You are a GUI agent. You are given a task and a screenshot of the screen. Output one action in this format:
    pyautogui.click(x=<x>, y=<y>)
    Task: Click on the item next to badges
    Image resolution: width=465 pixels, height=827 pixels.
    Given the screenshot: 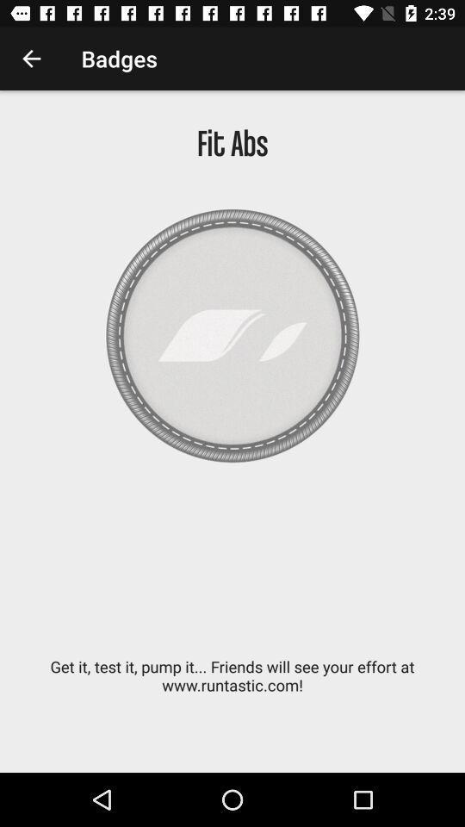 What is the action you would take?
    pyautogui.click(x=31, y=59)
    